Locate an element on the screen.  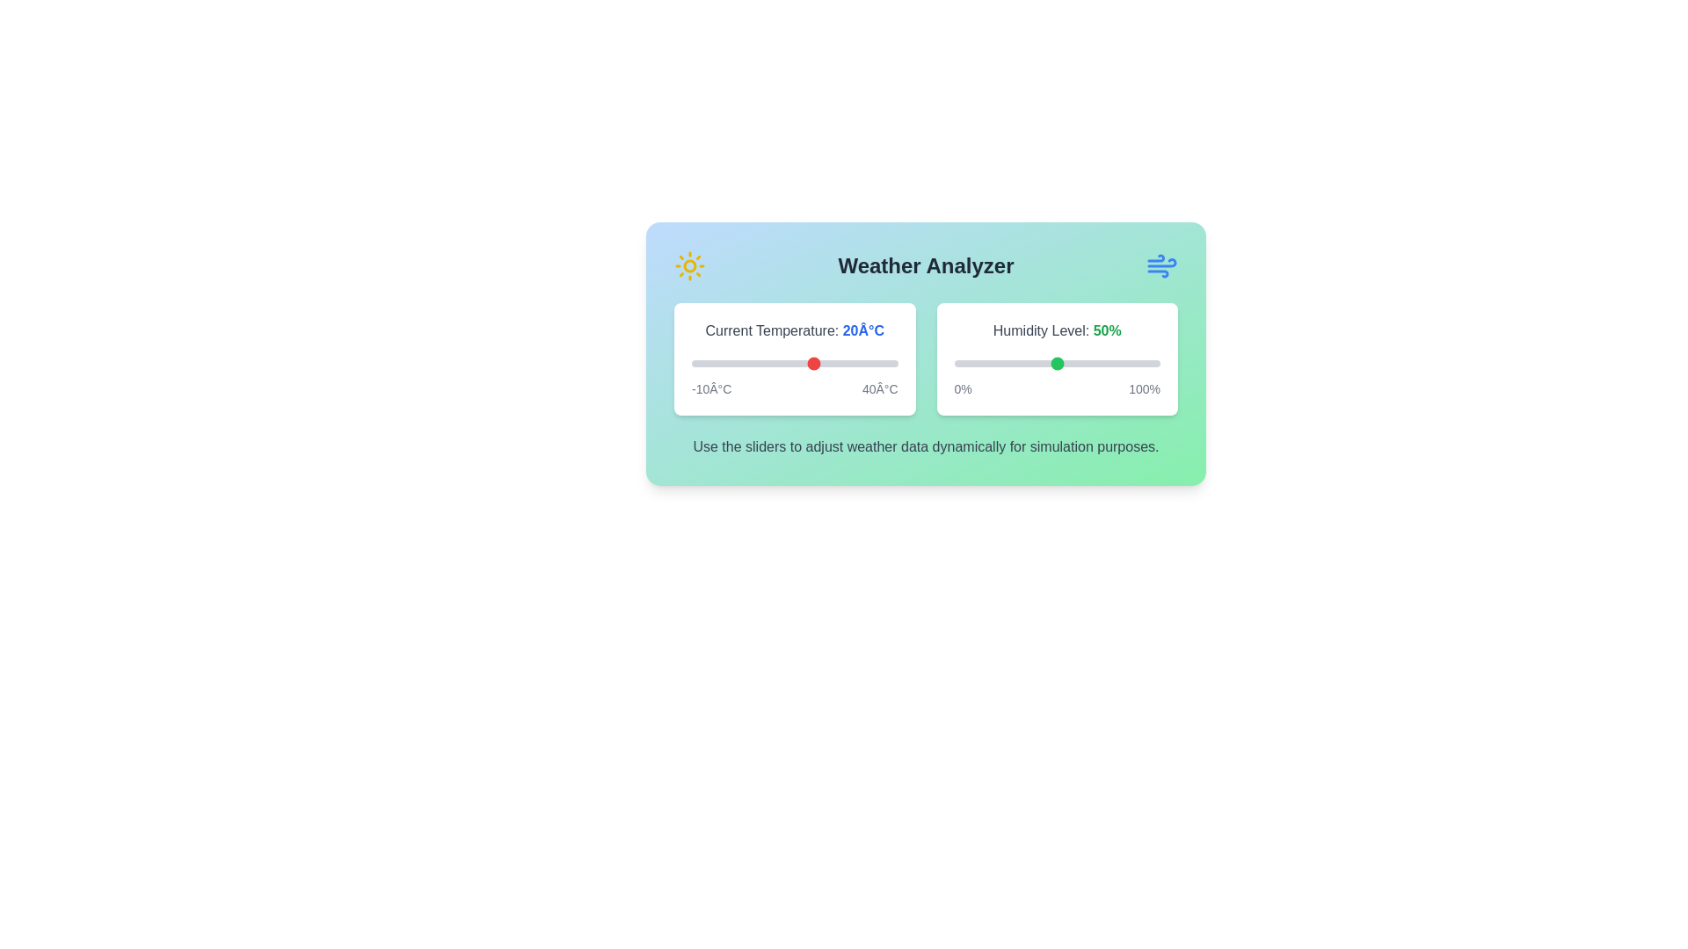
the temperature slider to 26°C is located at coordinates (839, 362).